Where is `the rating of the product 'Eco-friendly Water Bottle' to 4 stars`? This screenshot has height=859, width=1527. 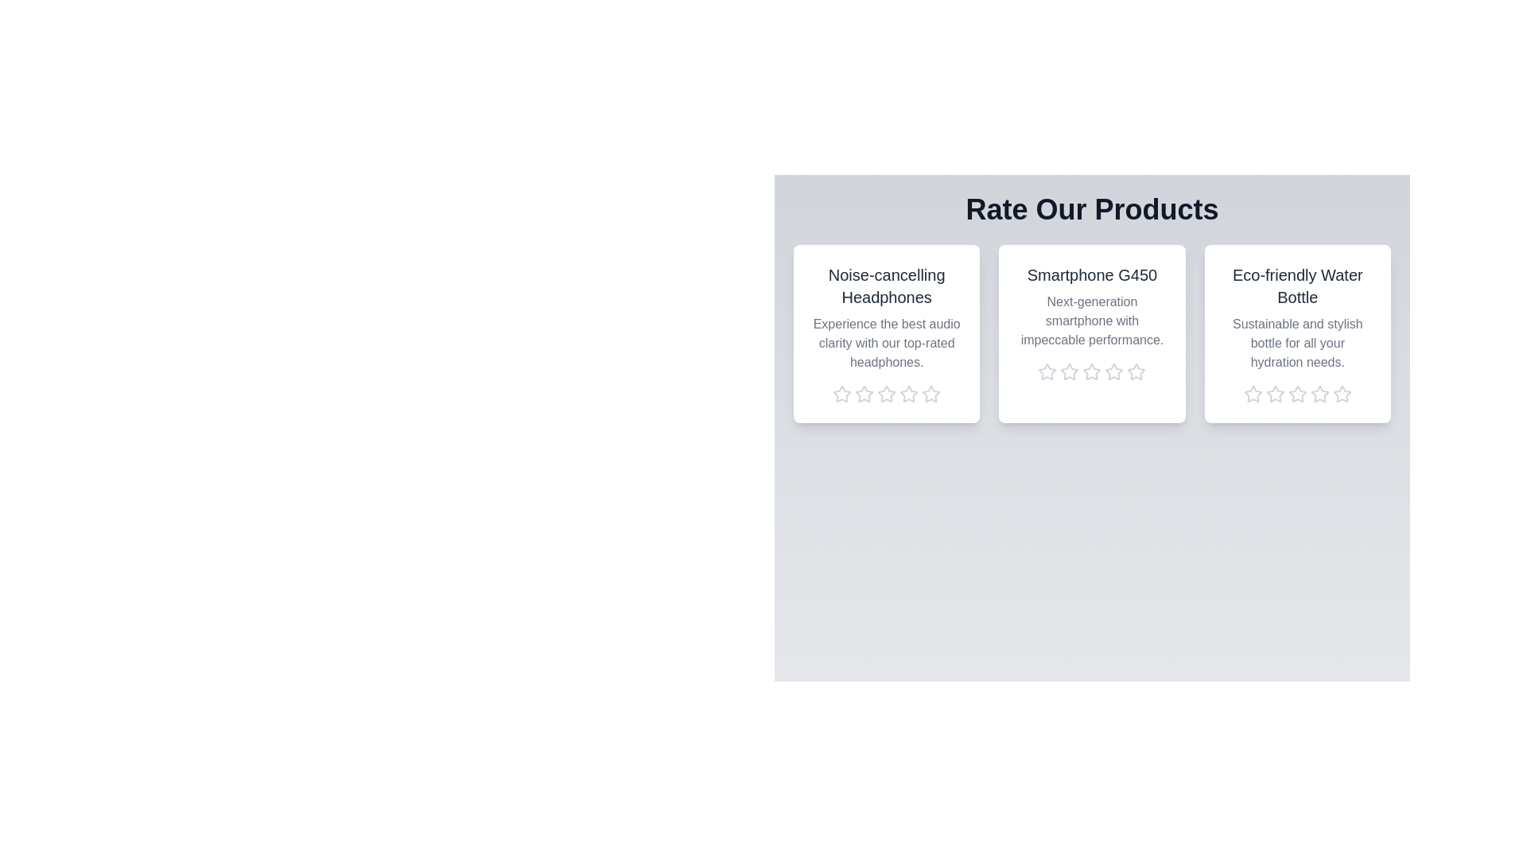
the rating of the product 'Eco-friendly Water Bottle' to 4 stars is located at coordinates (1319, 394).